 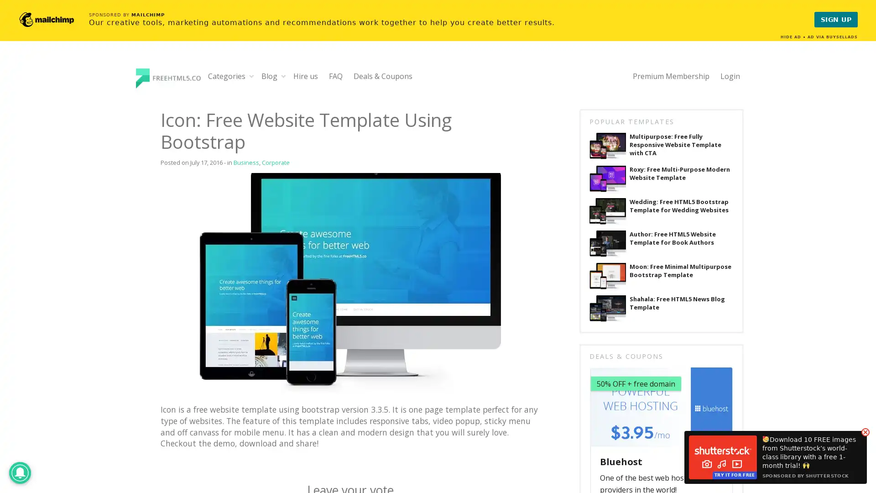 What do you see at coordinates (283, 75) in the screenshot?
I see `Expand child menu` at bounding box center [283, 75].